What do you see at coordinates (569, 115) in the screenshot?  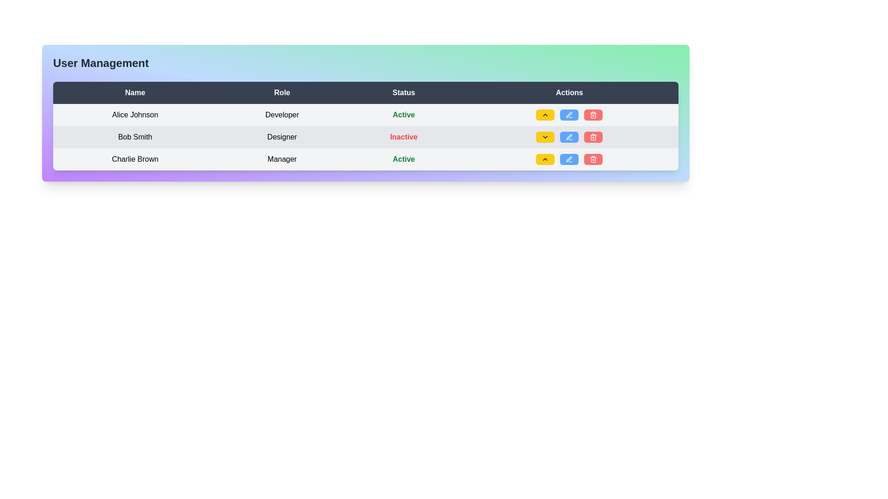 I see `the 'Edit' button in the 'Actions' column for the row containing 'Alice Johnson' and 'Developer'` at bounding box center [569, 115].